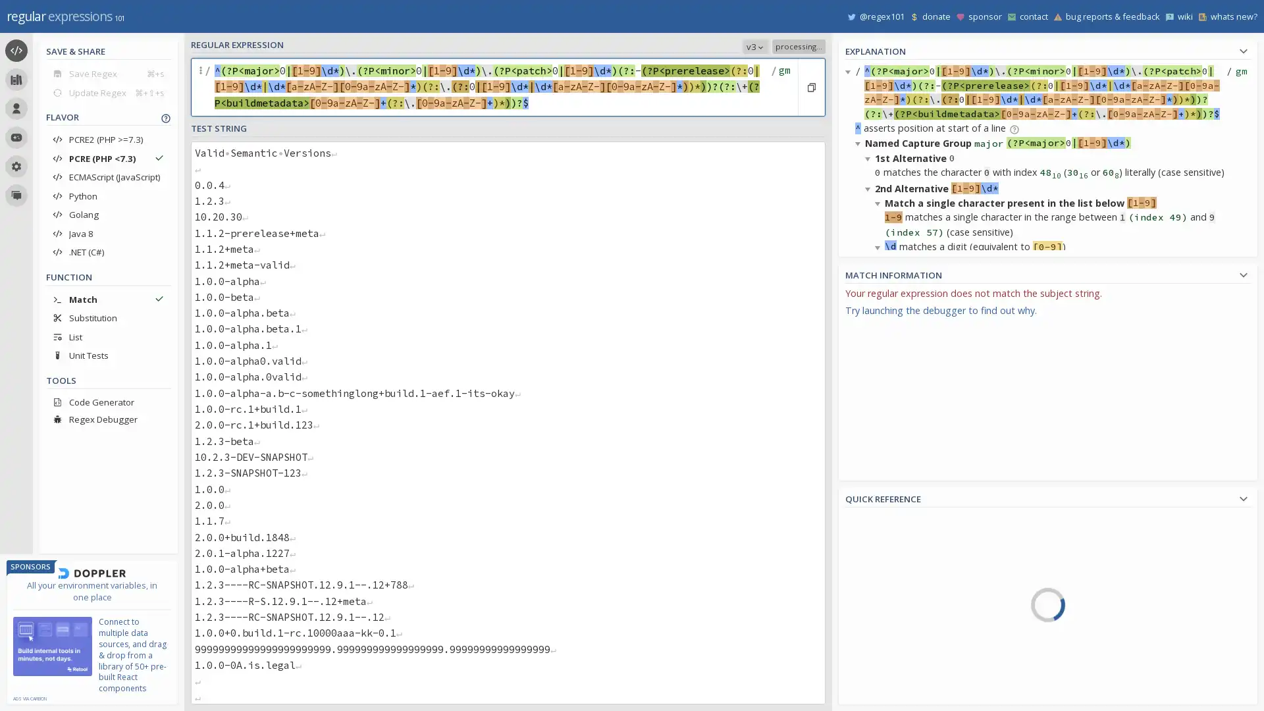 The image size is (1264, 711). What do you see at coordinates (860, 619) in the screenshot?
I see `Collapse Subtree` at bounding box center [860, 619].